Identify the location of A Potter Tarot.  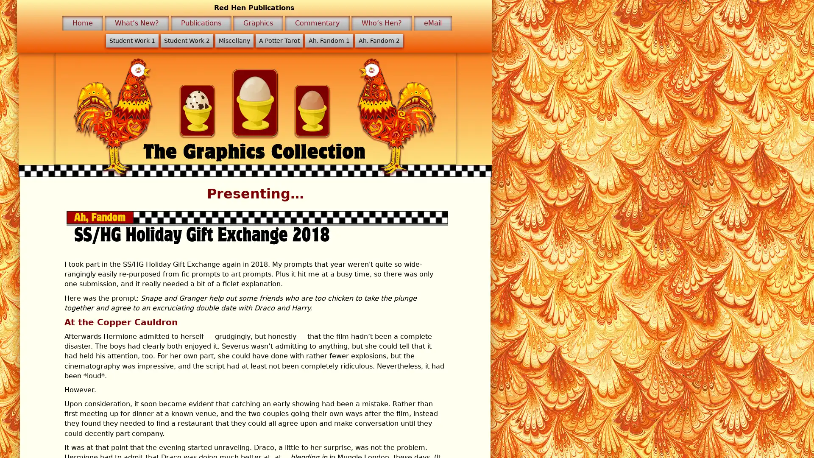
(279, 41).